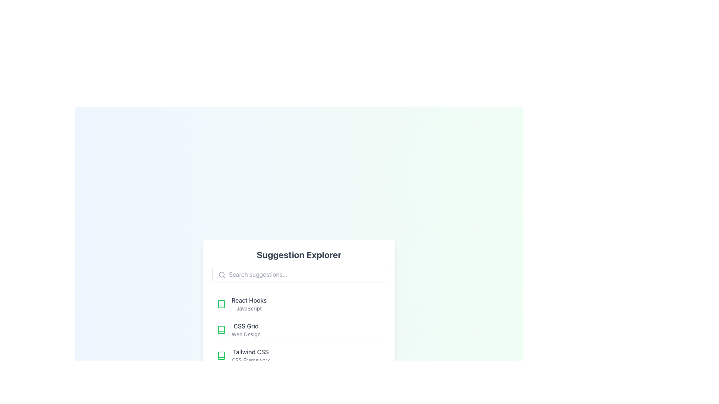 The image size is (719, 404). Describe the element at coordinates (221, 304) in the screenshot. I see `the green book icon element located to the left of the 'React Hooks' text in the 'Suggestion Explorer' section` at that location.